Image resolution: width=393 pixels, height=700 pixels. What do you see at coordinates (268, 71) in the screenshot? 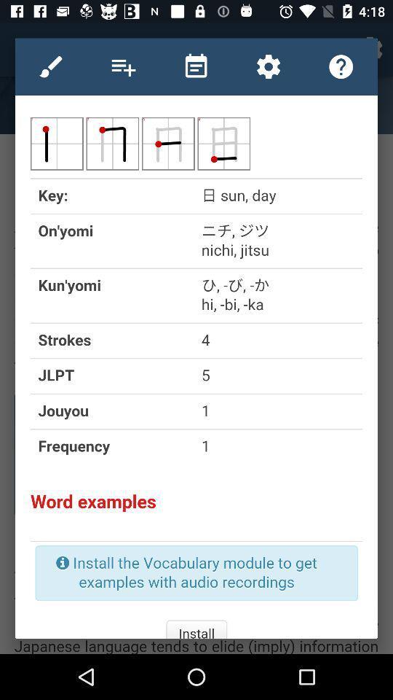
I see `the settings icon` at bounding box center [268, 71].